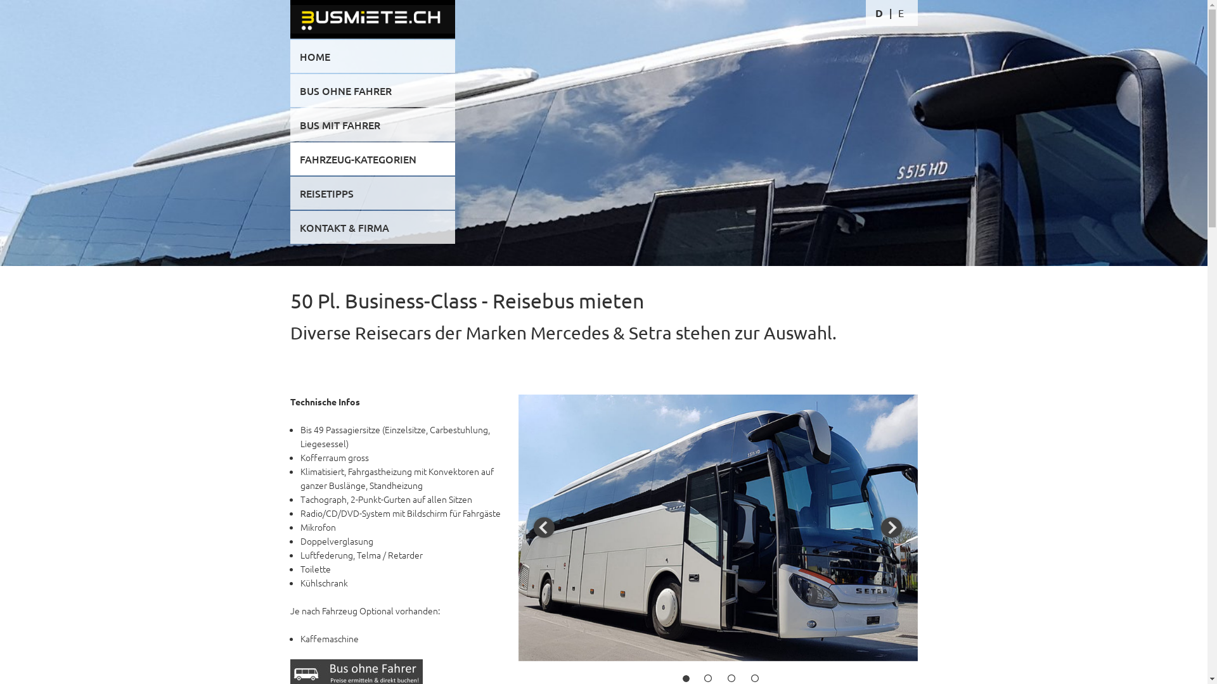 Image resolution: width=1217 pixels, height=684 pixels. Describe the element at coordinates (878, 528) in the screenshot. I see `'Weiter'` at that location.